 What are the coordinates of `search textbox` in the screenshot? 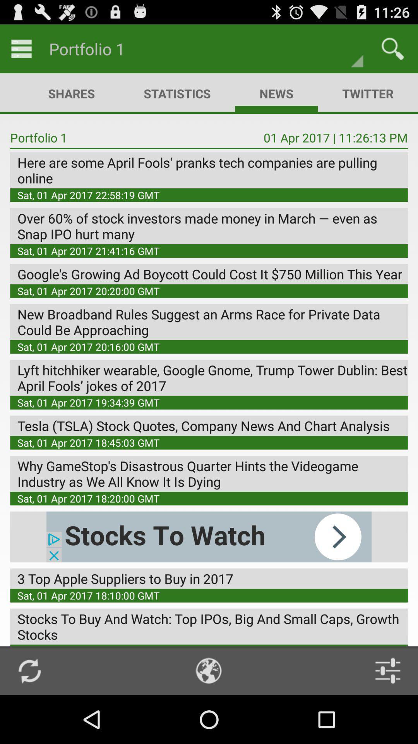 It's located at (392, 48).